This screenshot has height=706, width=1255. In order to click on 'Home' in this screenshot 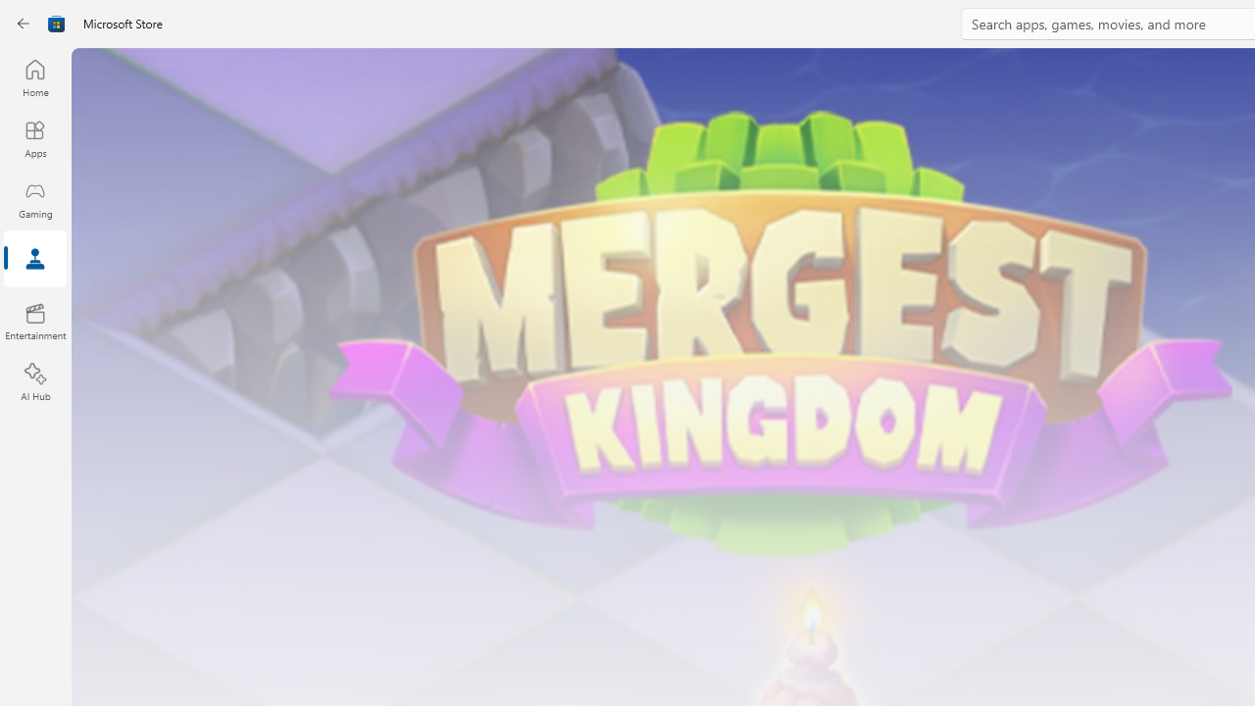, I will do `click(34, 76)`.